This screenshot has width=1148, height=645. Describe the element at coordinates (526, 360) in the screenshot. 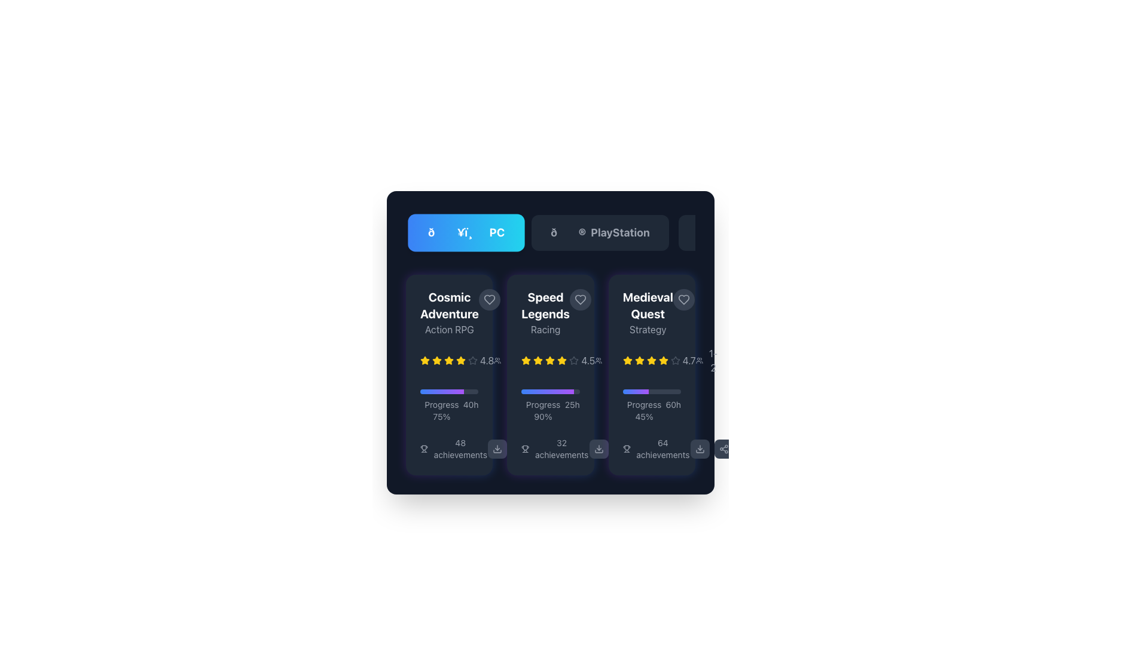

I see `the Rating star icon for the 'Speed Legends' game, which is part of a row of rating stars` at that location.